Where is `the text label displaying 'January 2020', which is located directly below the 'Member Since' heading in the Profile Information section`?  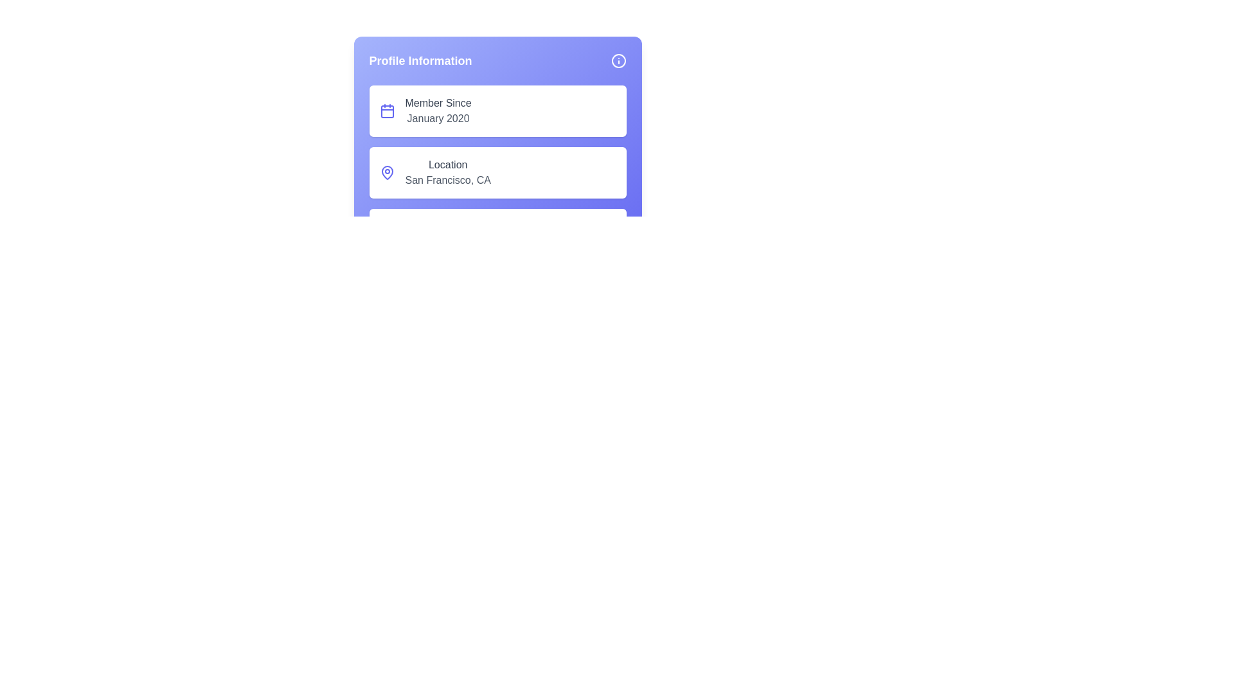
the text label displaying 'January 2020', which is located directly below the 'Member Since' heading in the Profile Information section is located at coordinates (438, 119).